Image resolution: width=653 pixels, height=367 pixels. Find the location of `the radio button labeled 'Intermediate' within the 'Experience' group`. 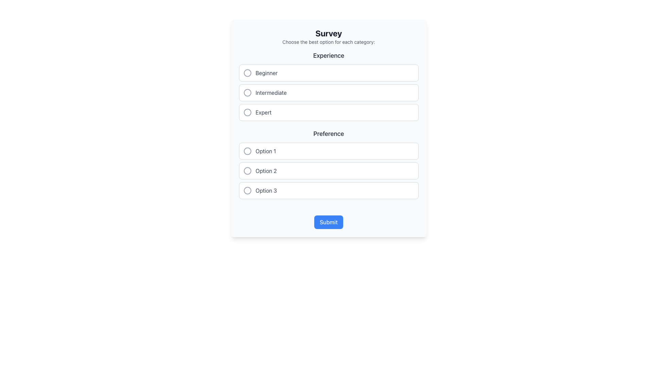

the radio button labeled 'Intermediate' within the 'Experience' group is located at coordinates (329, 93).